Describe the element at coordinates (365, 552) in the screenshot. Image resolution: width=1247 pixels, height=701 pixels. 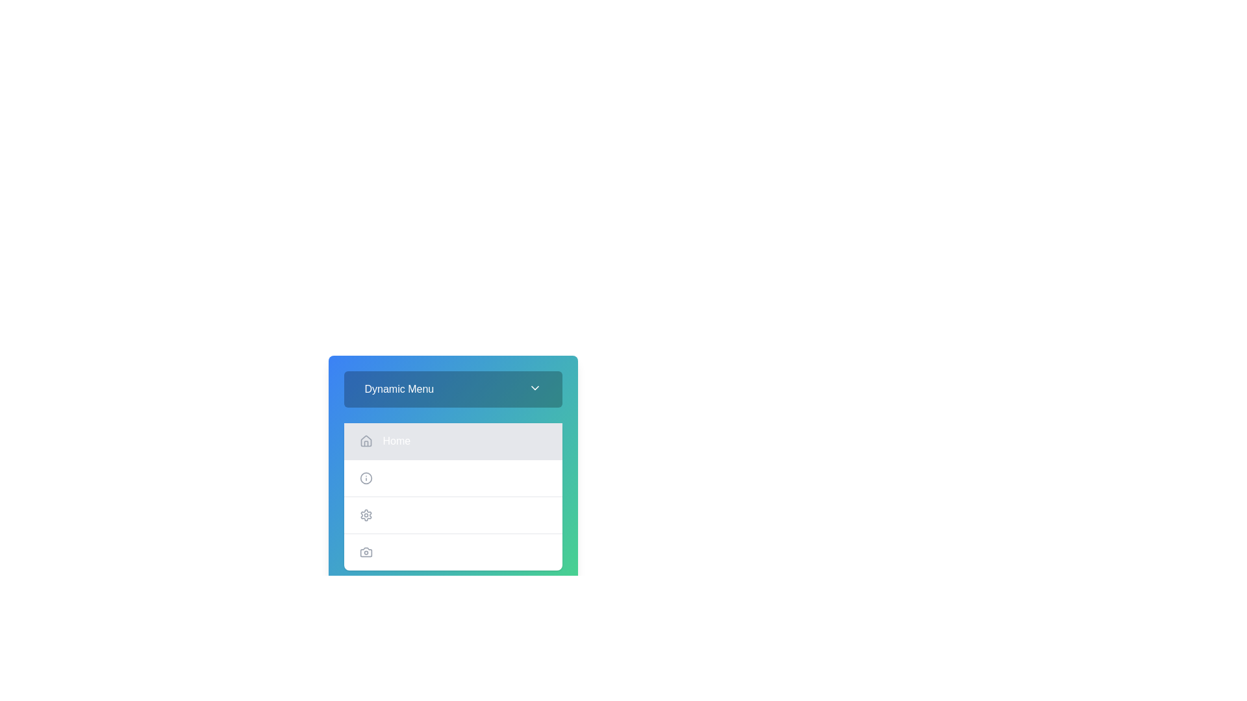
I see `the camera-like icon with a small house shape at its top` at that location.